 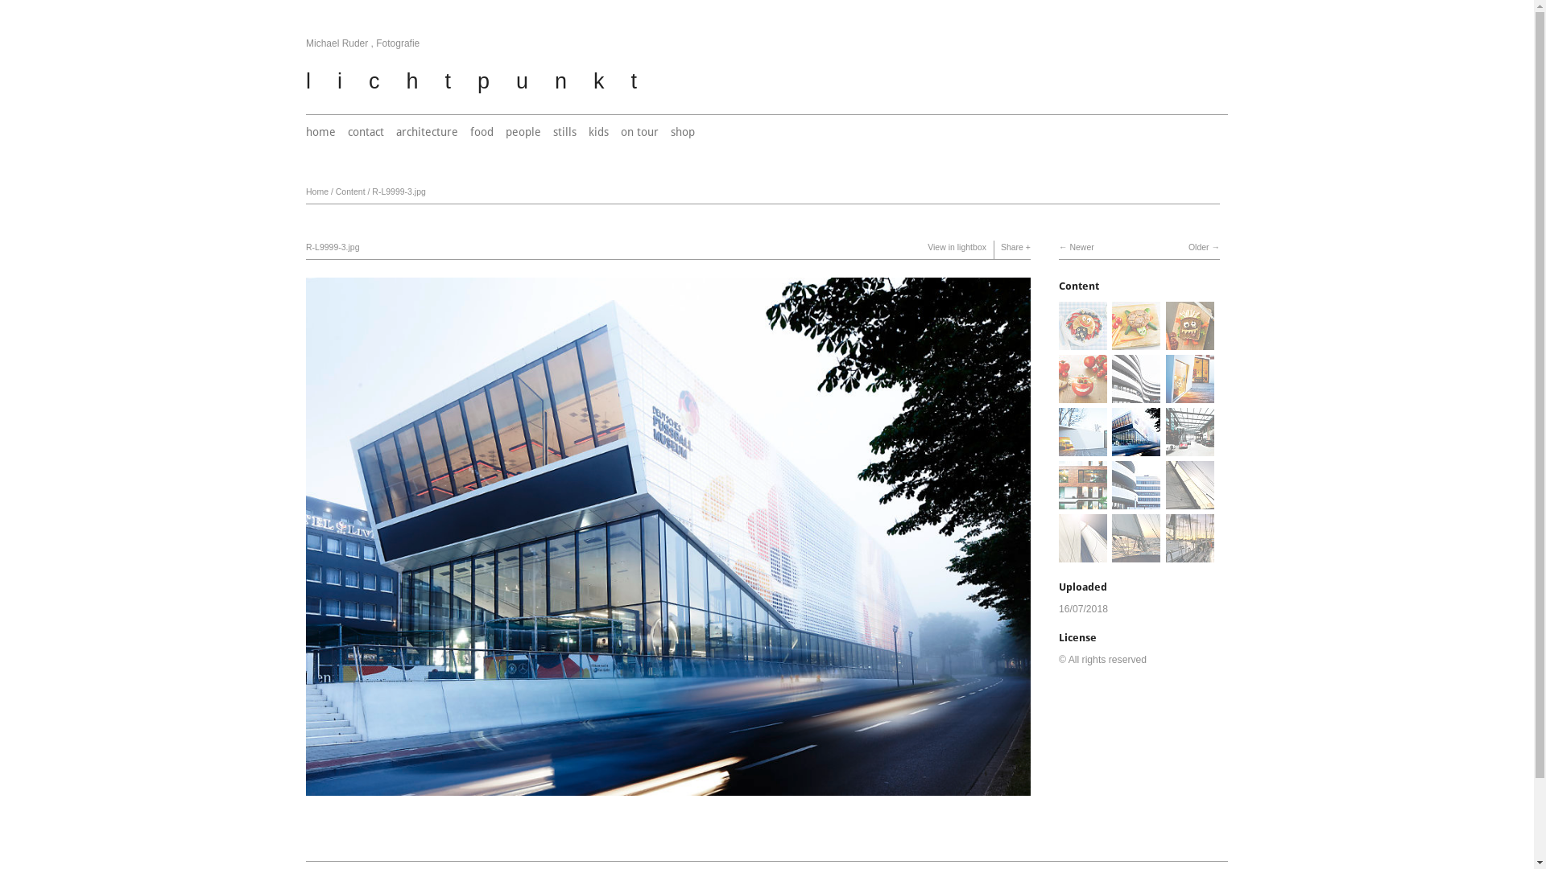 I want to click on 'contact', so click(x=365, y=131).